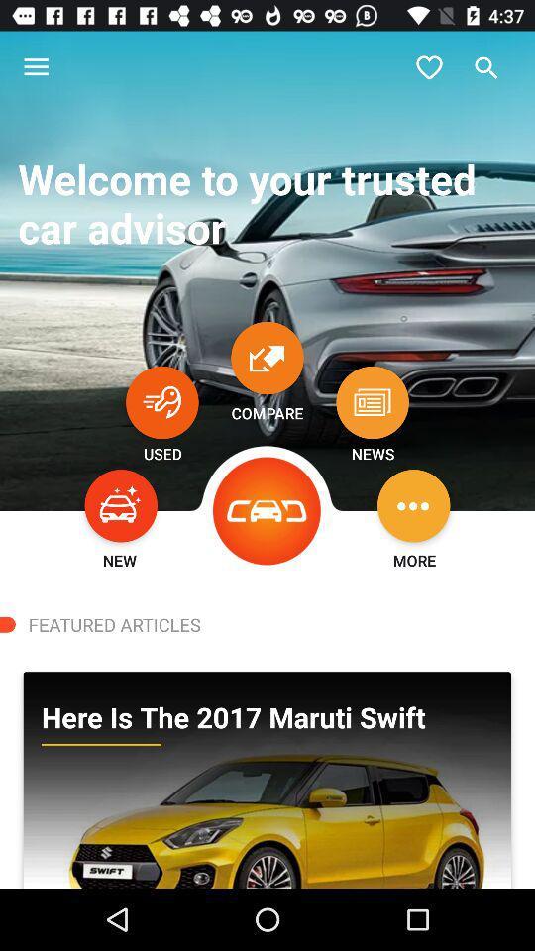 The height and width of the screenshot is (951, 535). What do you see at coordinates (160, 401) in the screenshot?
I see `the icon below welcome to your item` at bounding box center [160, 401].